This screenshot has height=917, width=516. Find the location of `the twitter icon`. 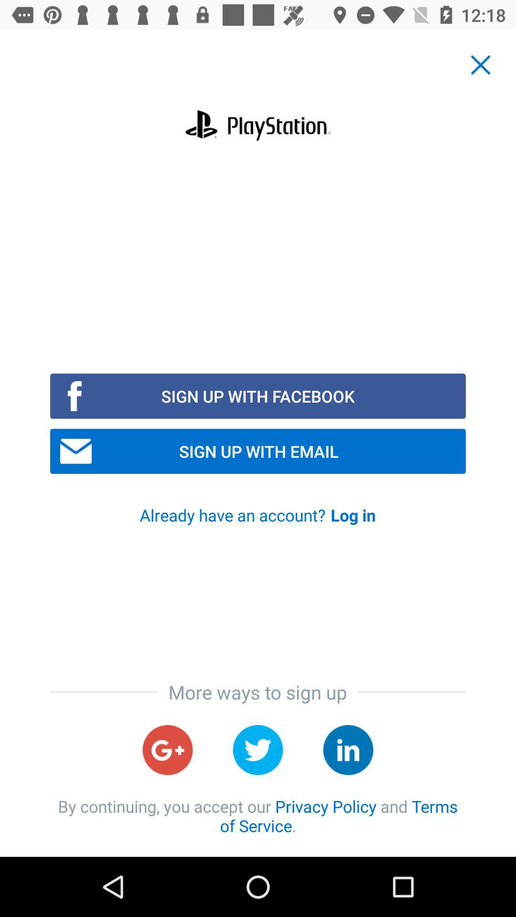

the twitter icon is located at coordinates (258, 749).